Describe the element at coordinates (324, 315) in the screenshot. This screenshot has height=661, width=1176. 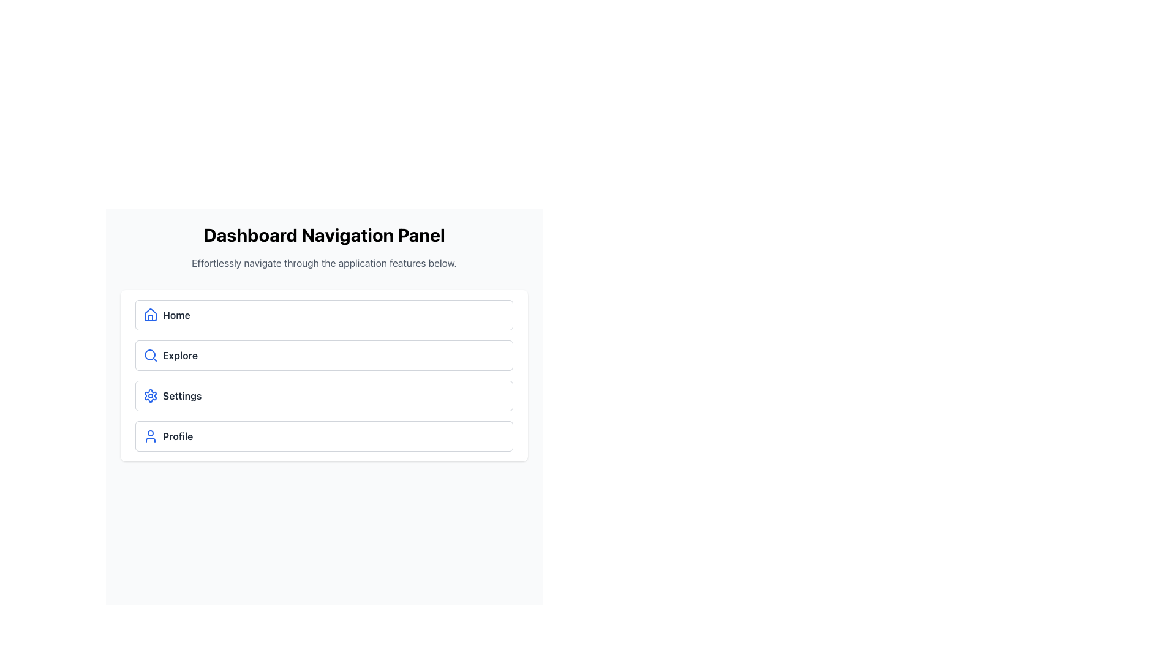
I see `the 'Home' navigation button located in the 'Dashboard Navigation Panel'` at that location.